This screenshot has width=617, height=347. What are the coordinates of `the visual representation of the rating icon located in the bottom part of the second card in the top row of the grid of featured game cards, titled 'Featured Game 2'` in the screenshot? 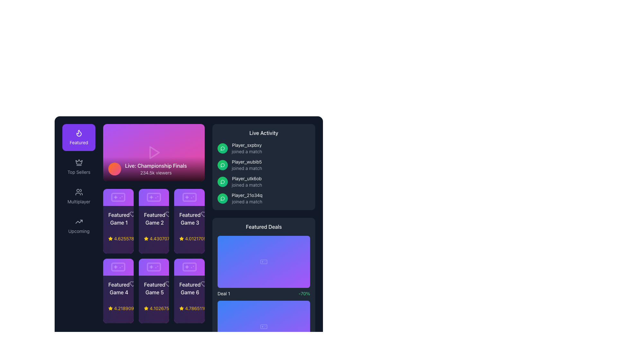 It's located at (146, 238).